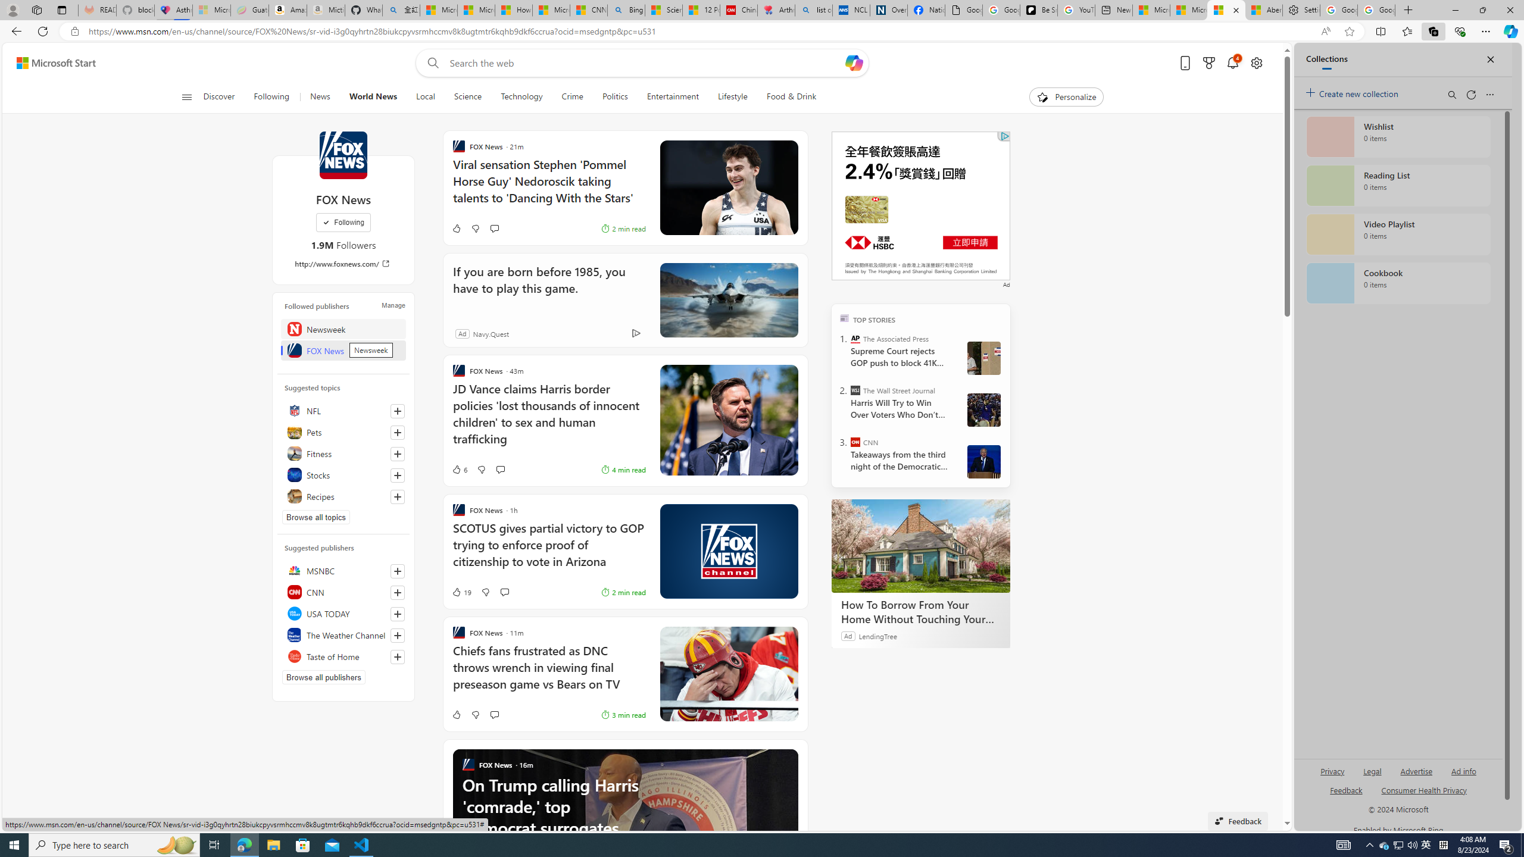  What do you see at coordinates (458, 469) in the screenshot?
I see `'6 Like'` at bounding box center [458, 469].